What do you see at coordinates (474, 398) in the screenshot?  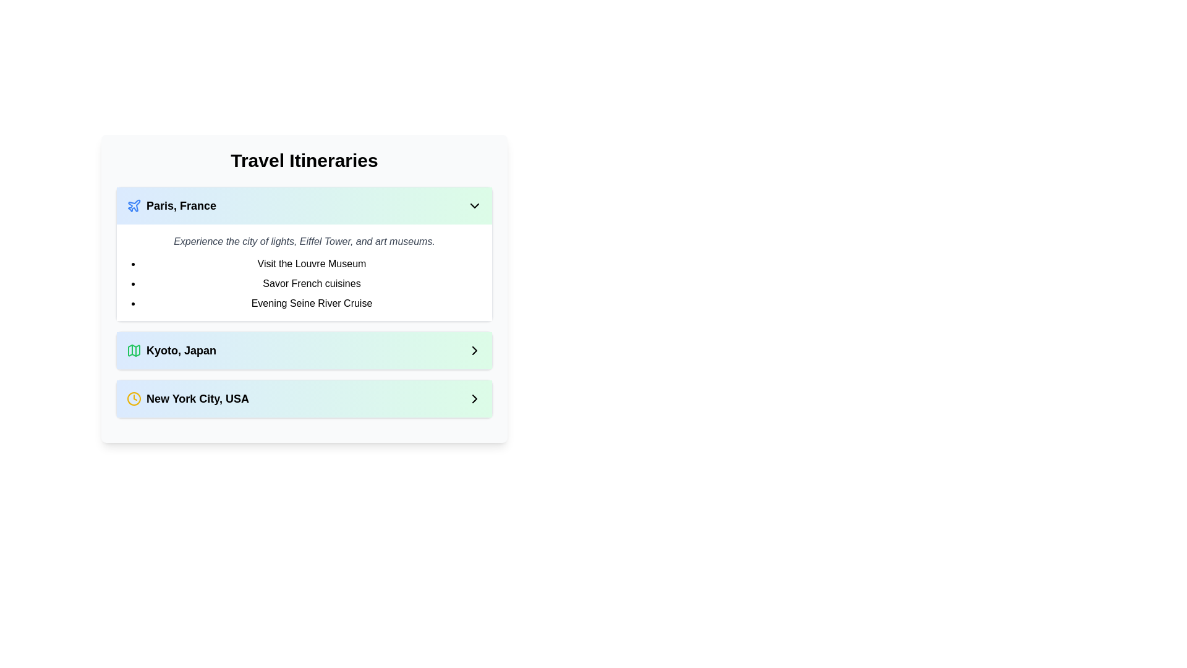 I see `the navigation icon located at the far-right end of the 'New York City, USA' row` at bounding box center [474, 398].